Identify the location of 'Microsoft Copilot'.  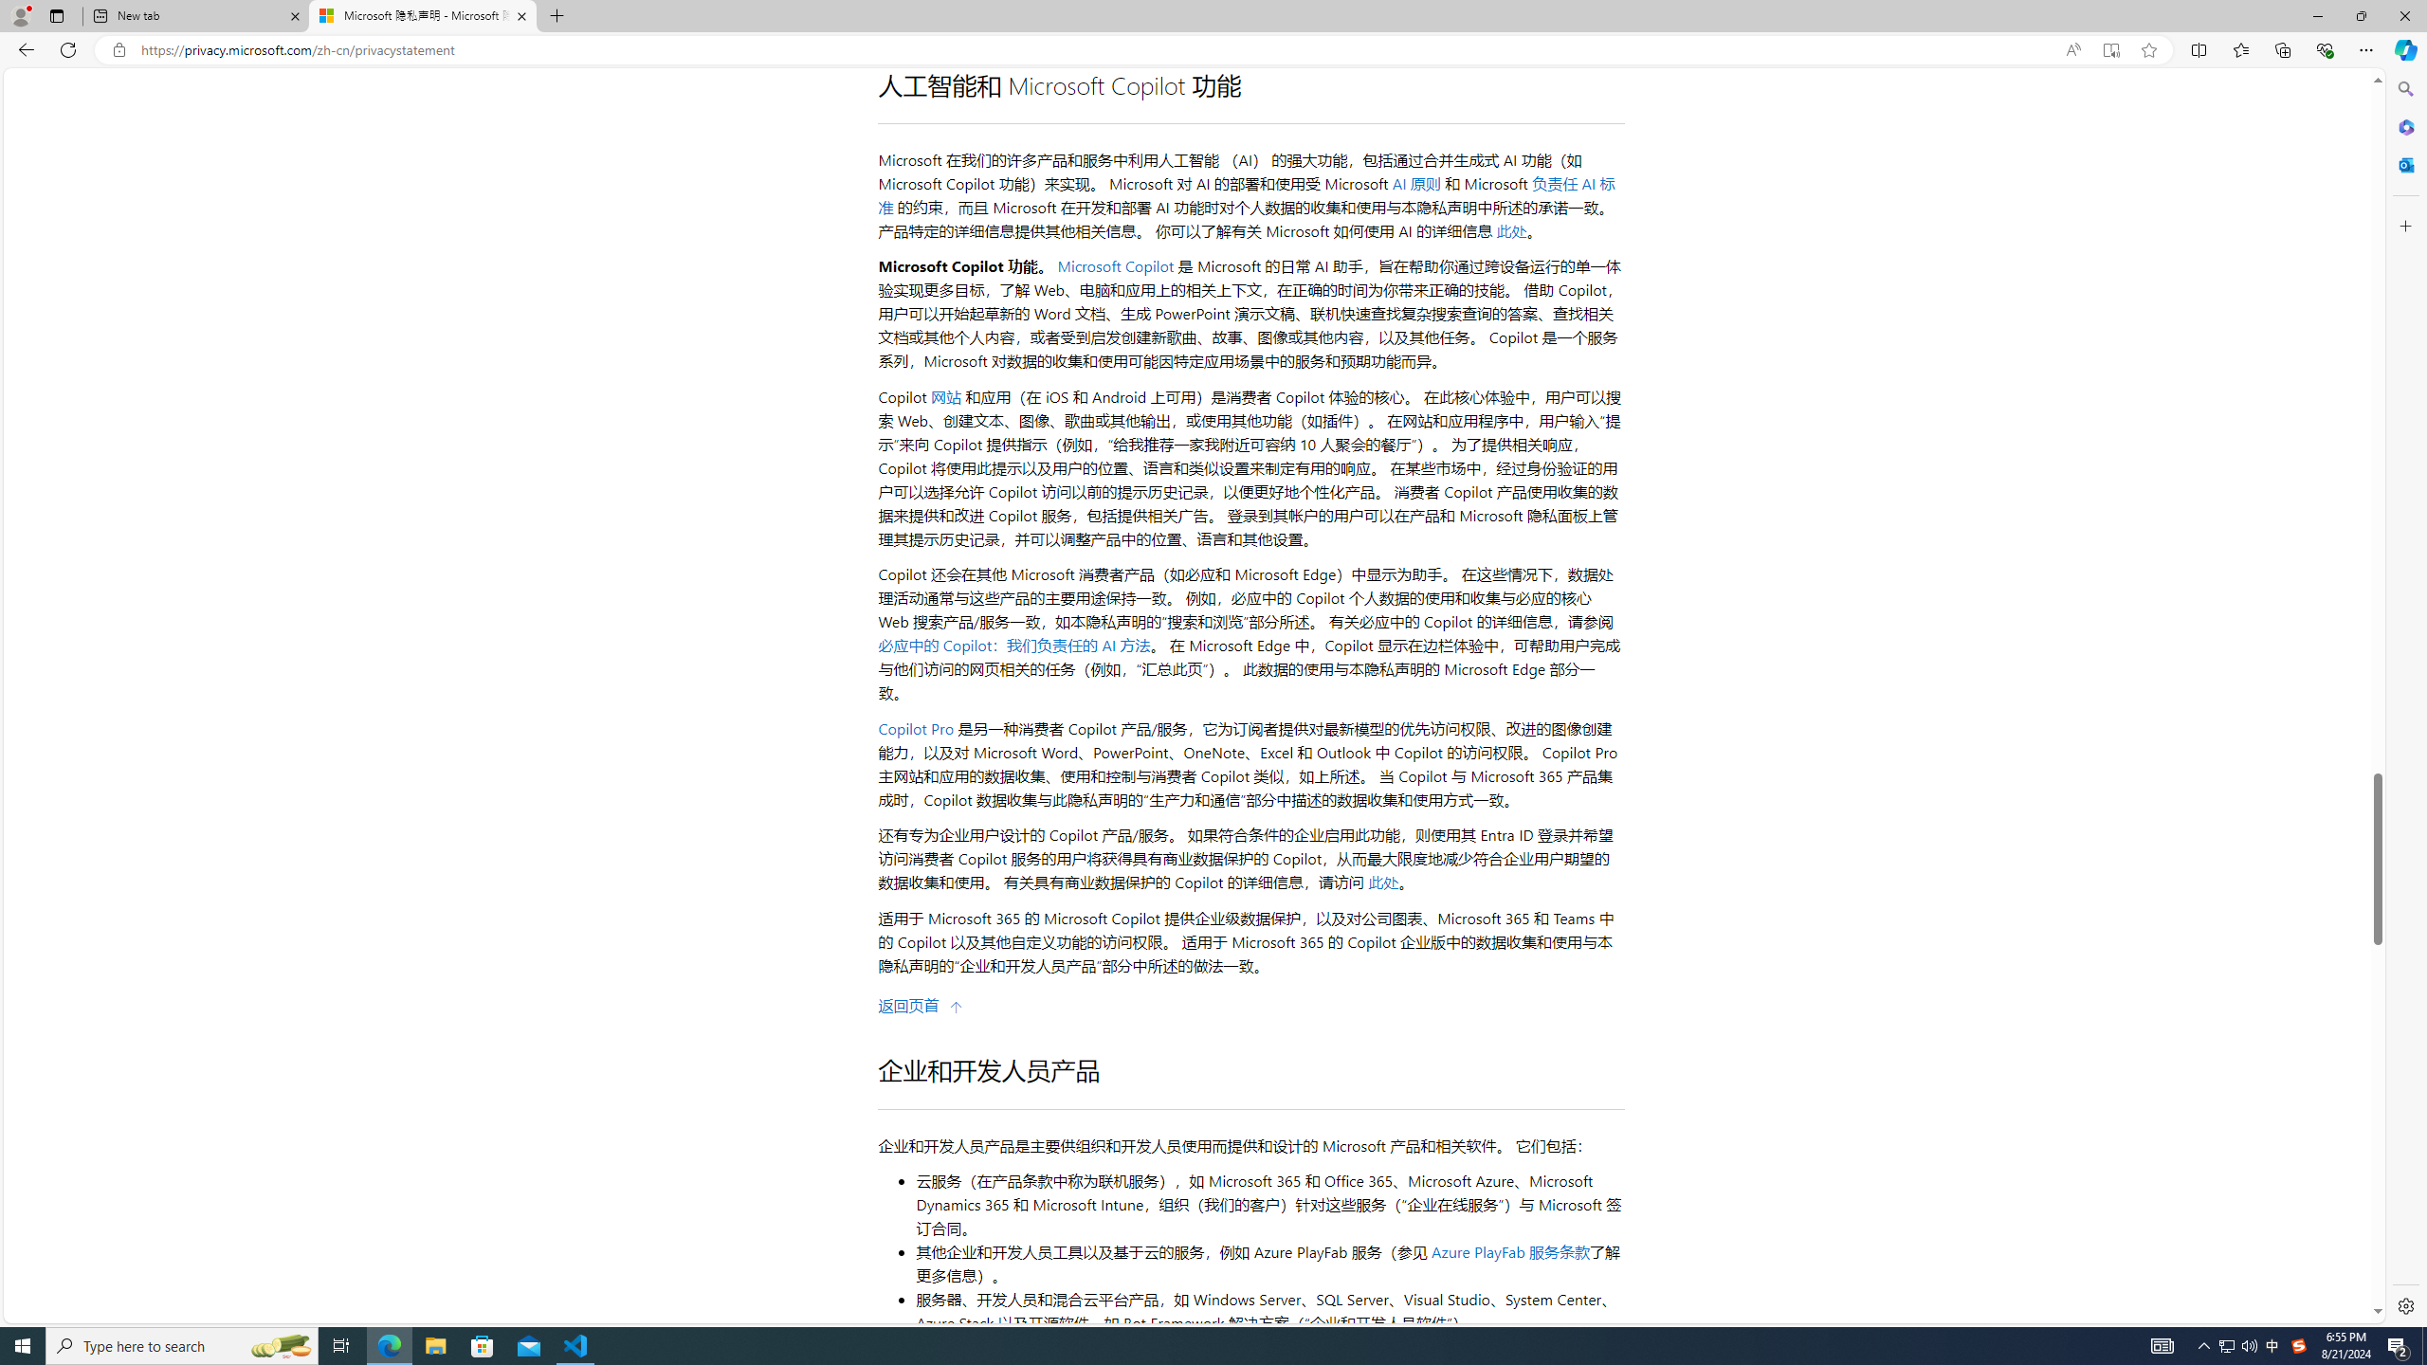
(1116, 265).